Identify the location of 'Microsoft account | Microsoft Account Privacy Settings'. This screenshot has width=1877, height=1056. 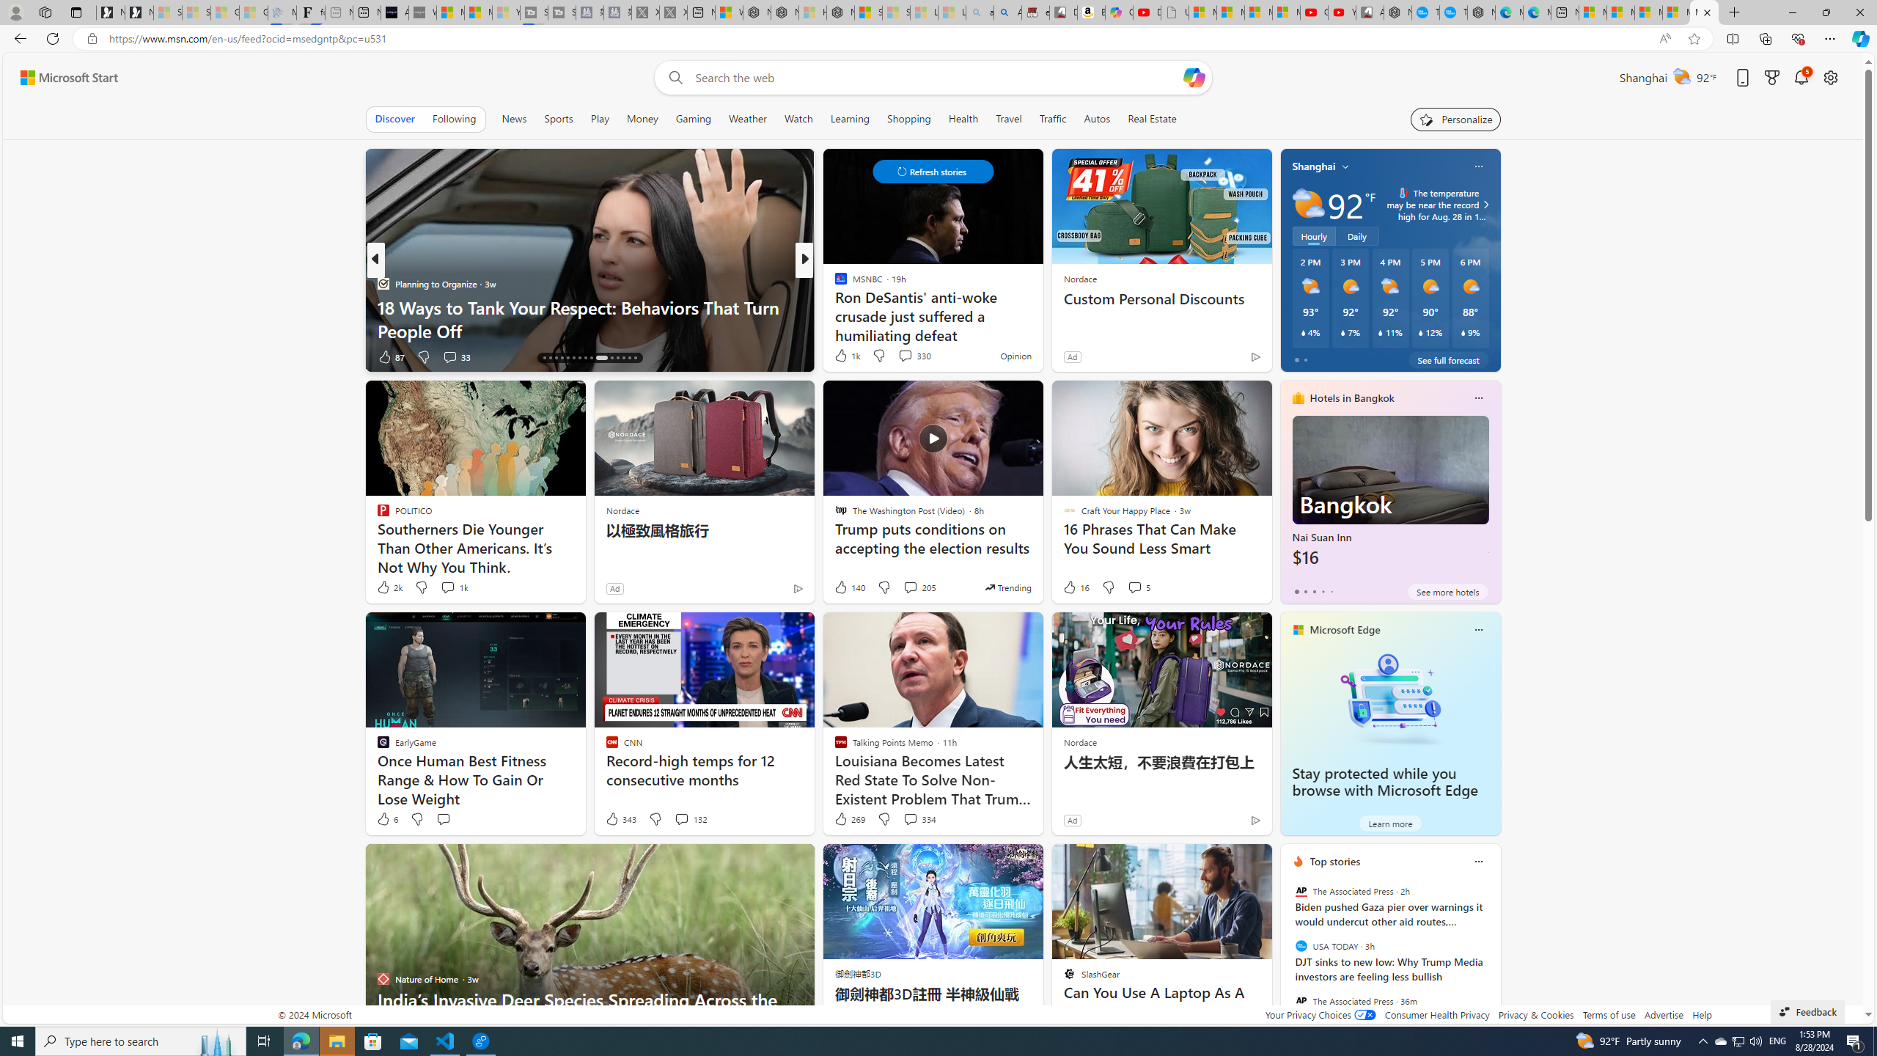
(1620, 12).